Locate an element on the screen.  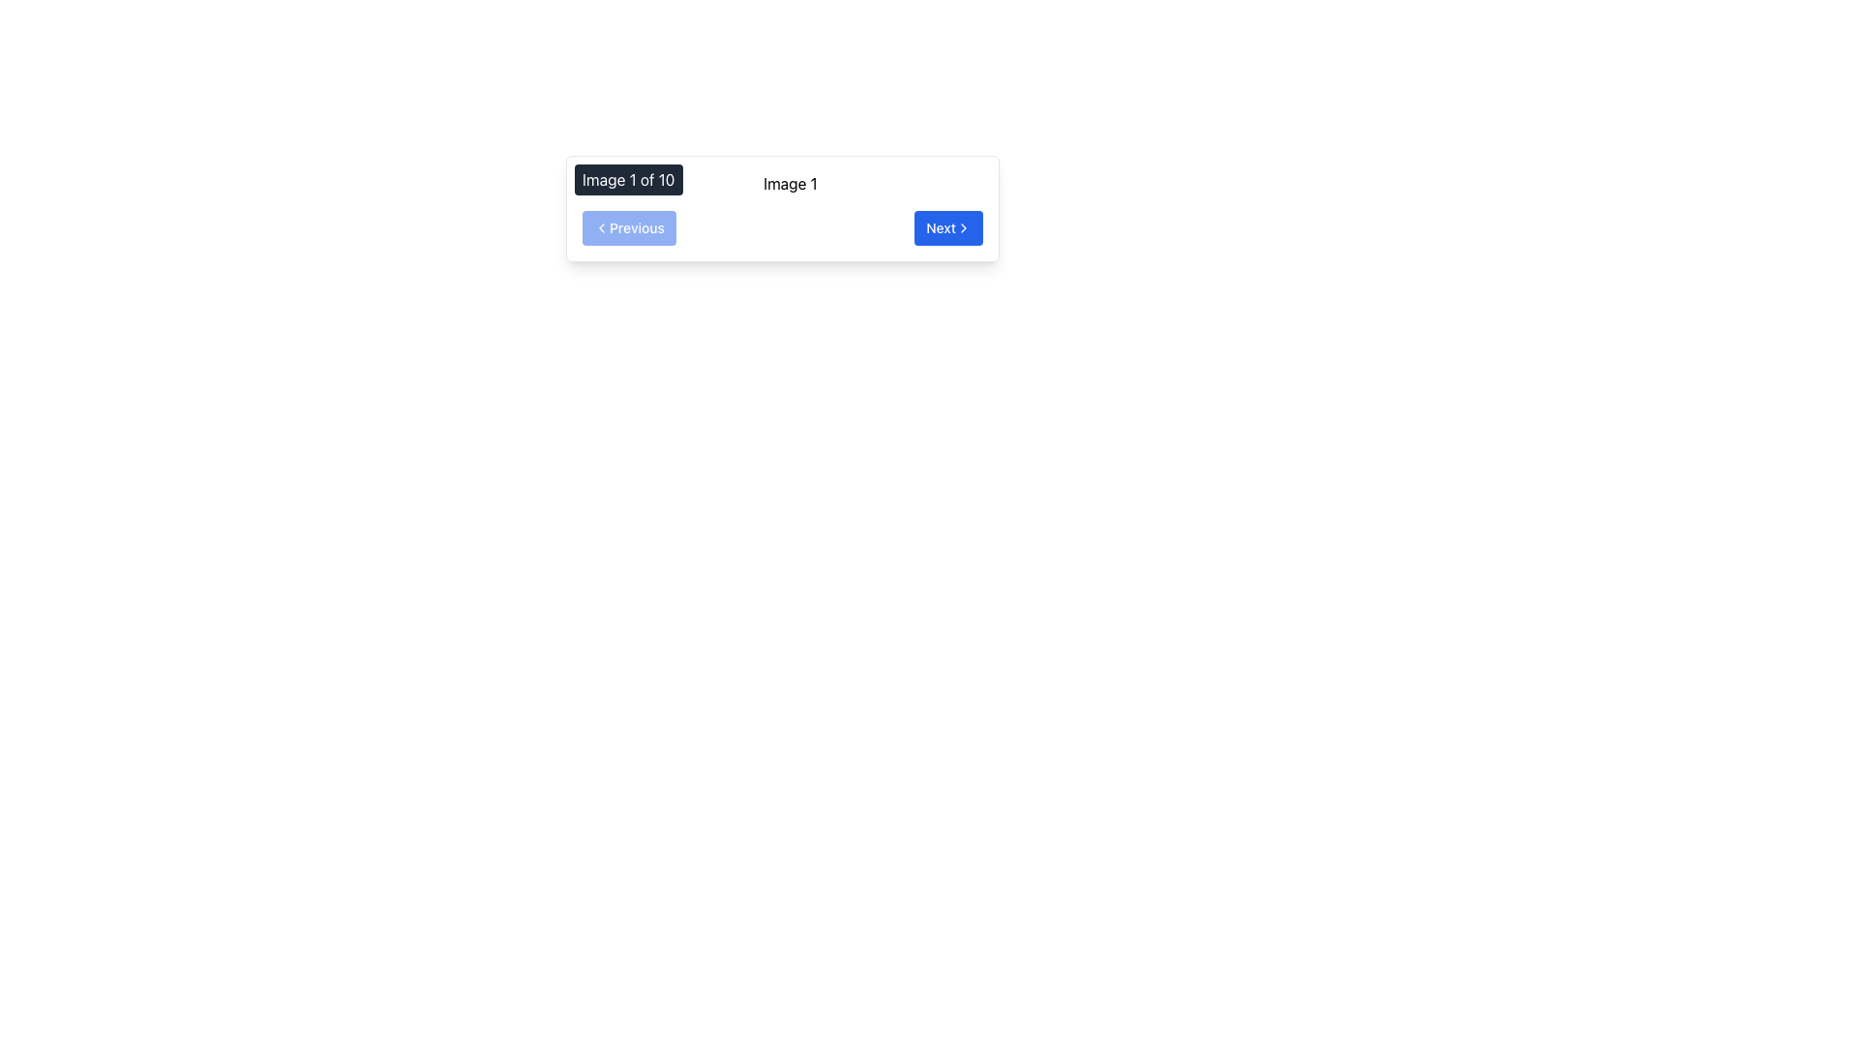
the 'Previous' button is located at coordinates (629, 226).